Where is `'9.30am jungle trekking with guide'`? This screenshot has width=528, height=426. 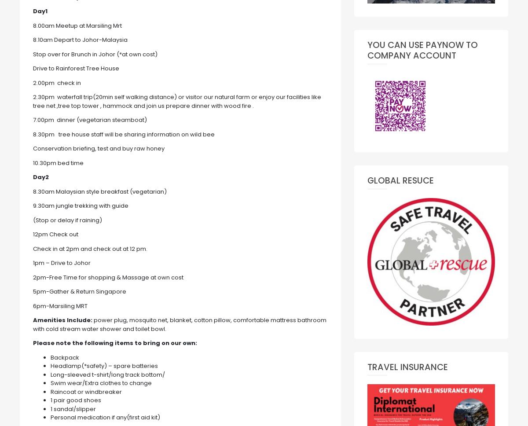
'9.30am jungle trekking with guide' is located at coordinates (80, 205).